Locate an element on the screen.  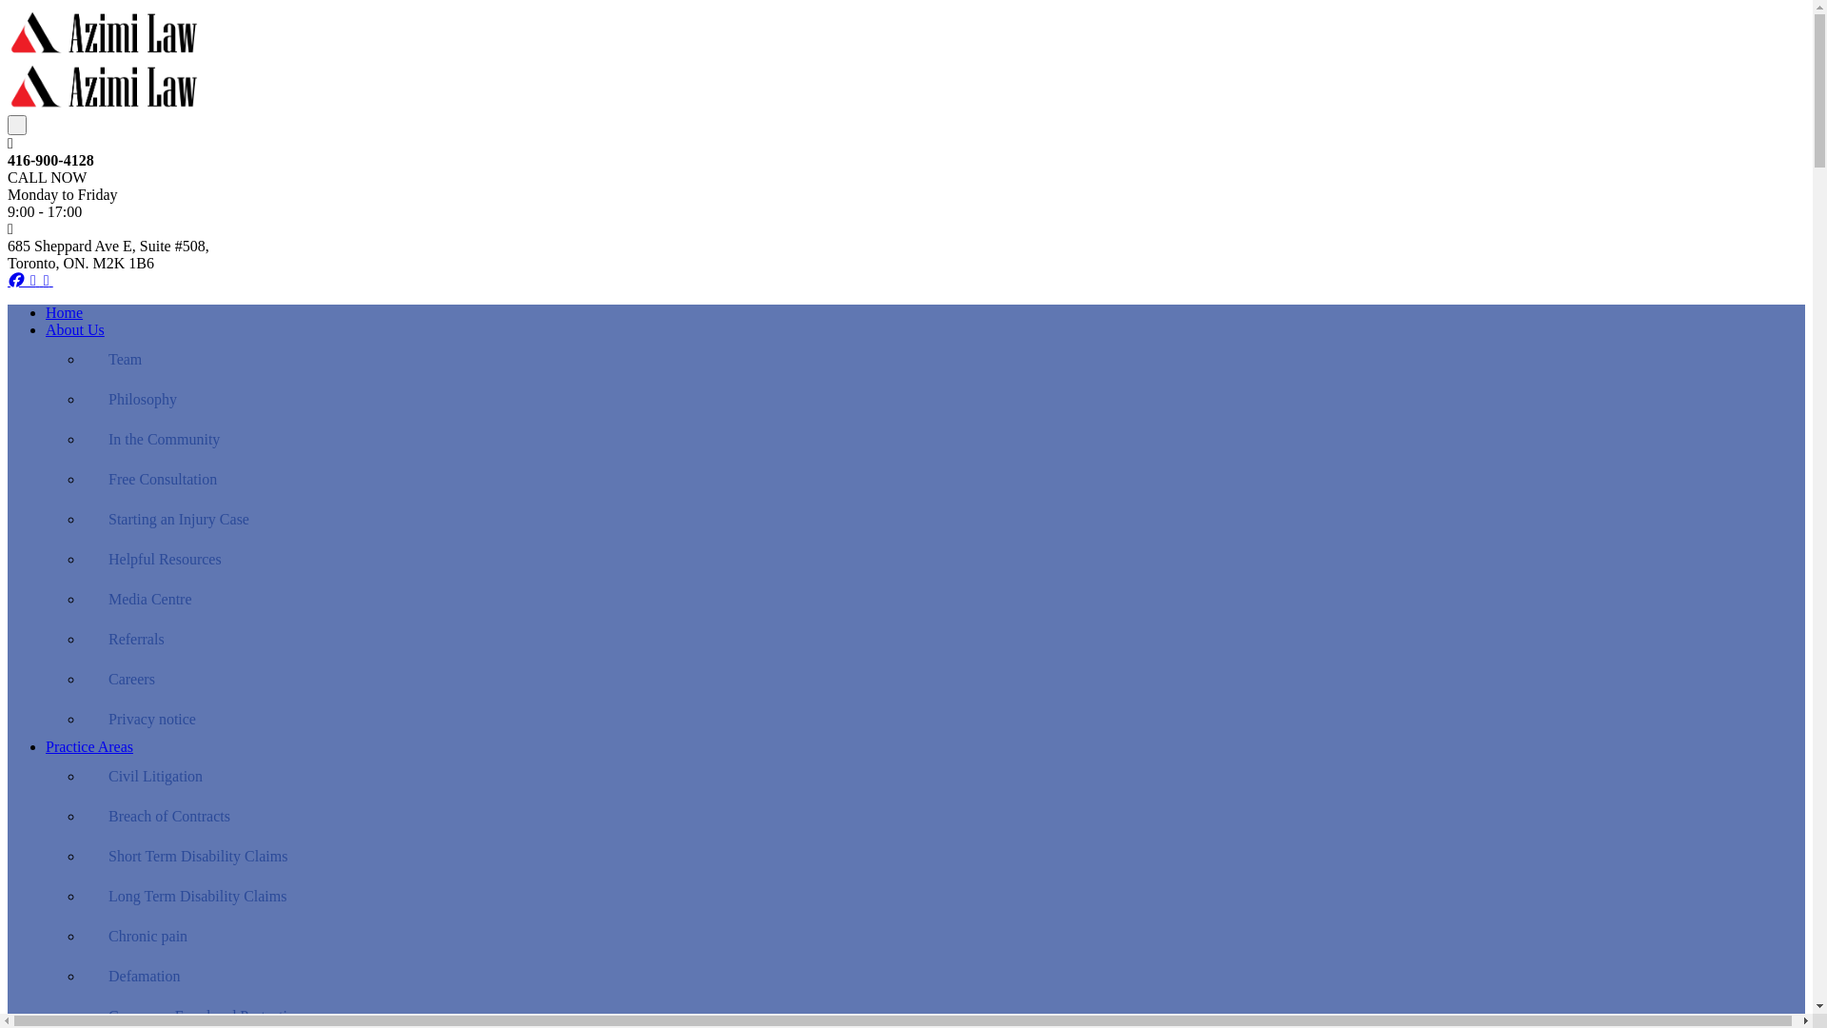
'Practice Areas' is located at coordinates (88, 745).